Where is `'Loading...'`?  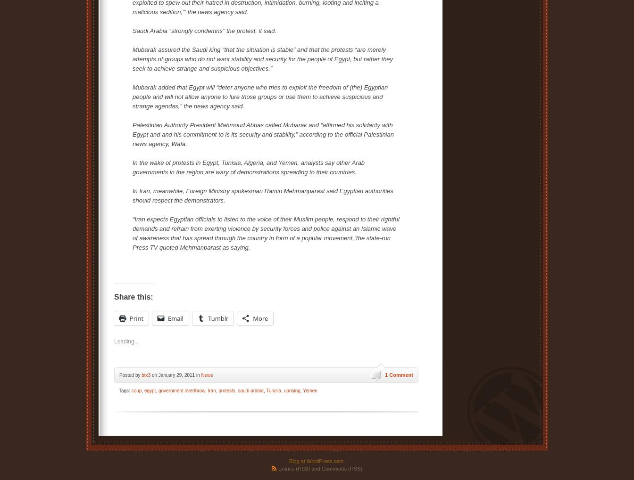
'Loading...' is located at coordinates (114, 342).